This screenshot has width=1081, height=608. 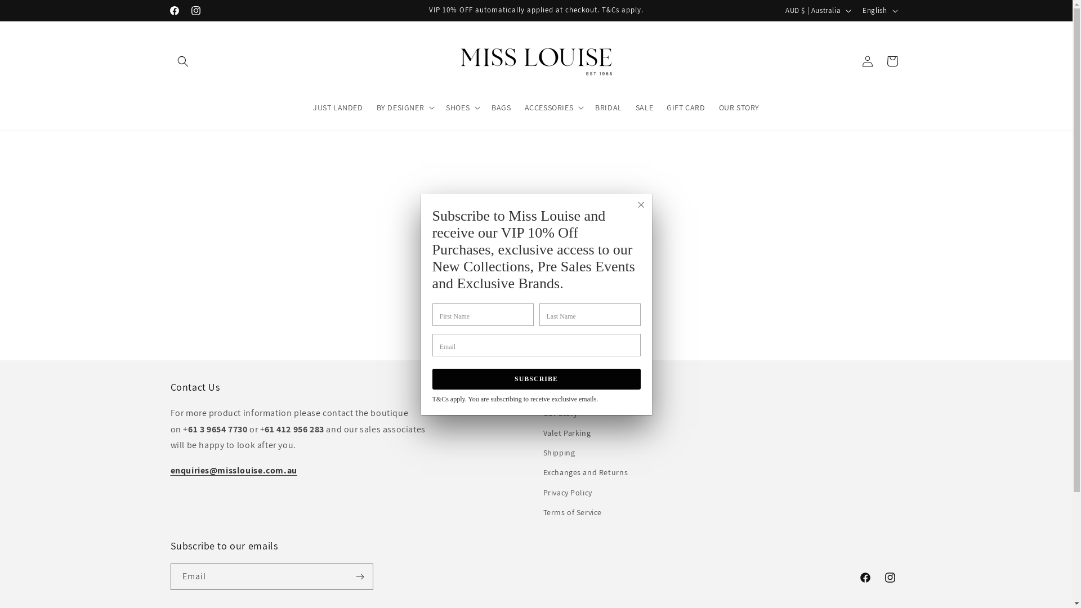 What do you see at coordinates (560, 414) in the screenshot?
I see `'Our Story'` at bounding box center [560, 414].